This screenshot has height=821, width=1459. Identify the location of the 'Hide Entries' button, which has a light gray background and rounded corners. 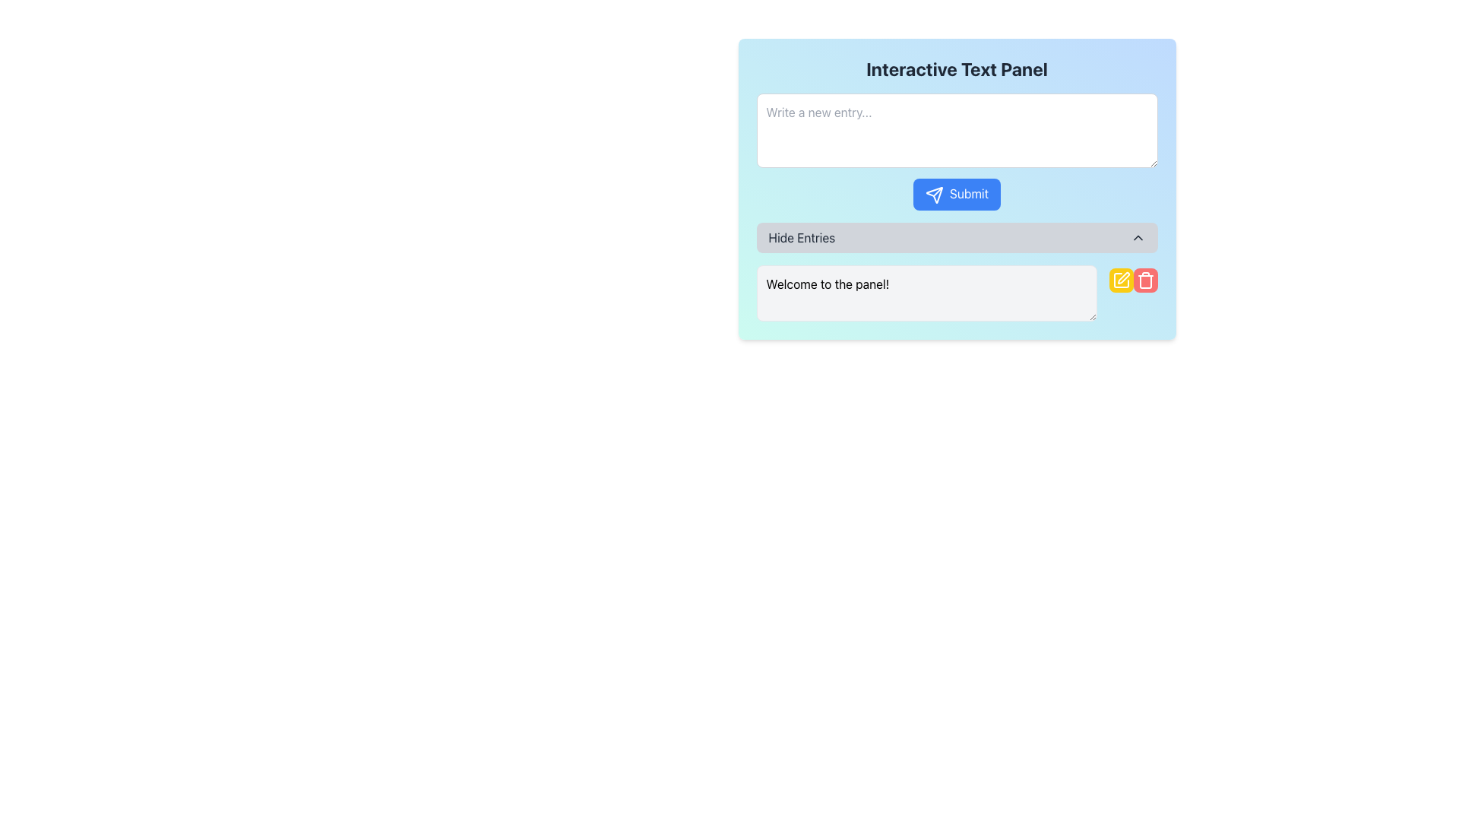
(956, 237).